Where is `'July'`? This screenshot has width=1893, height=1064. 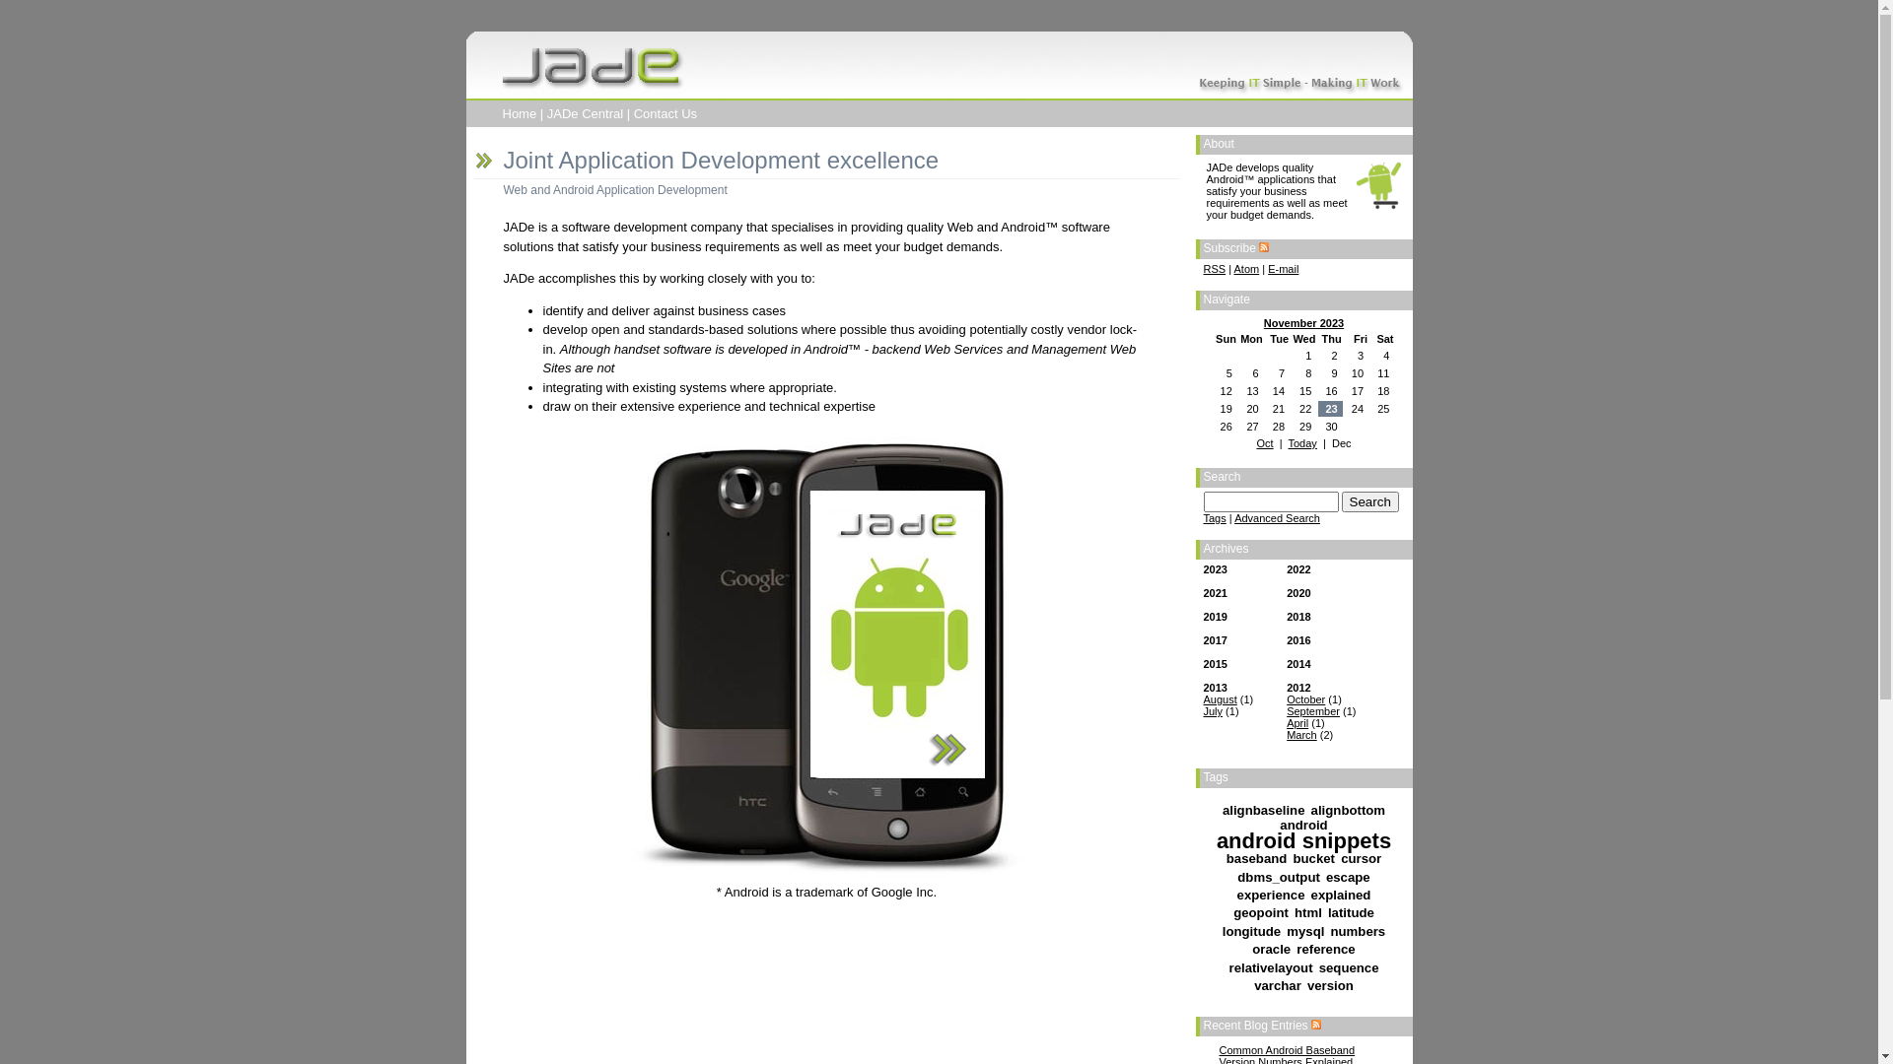
'July' is located at coordinates (1211, 710).